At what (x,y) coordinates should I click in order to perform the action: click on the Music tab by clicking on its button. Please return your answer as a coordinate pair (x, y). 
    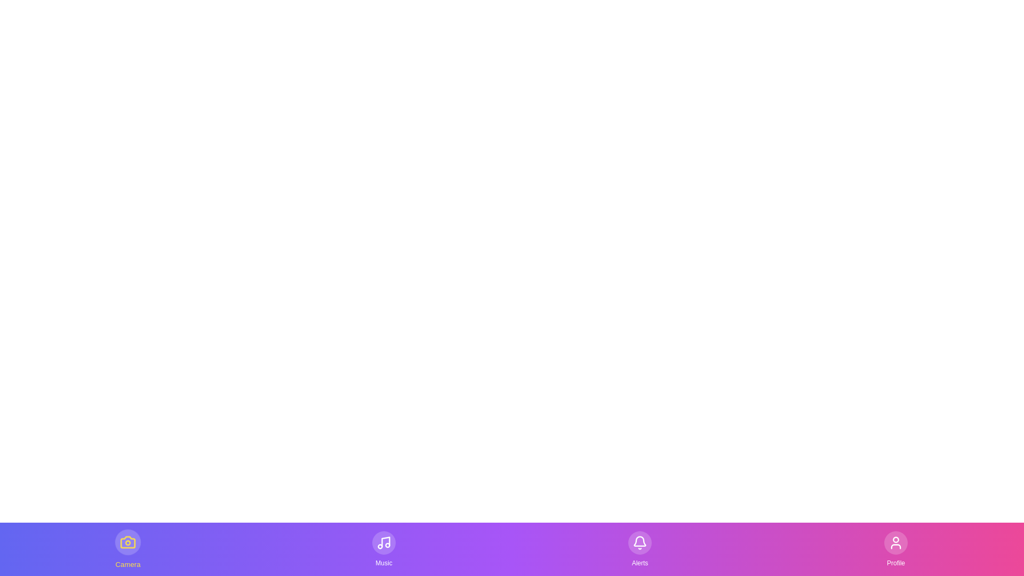
    Looking at the image, I should click on (384, 549).